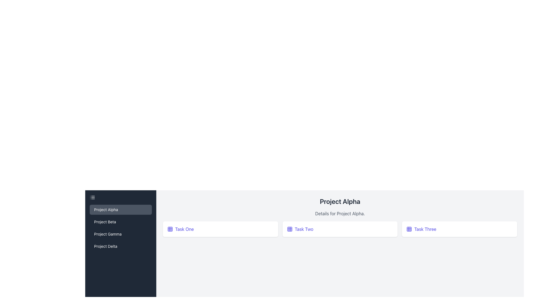 This screenshot has height=300, width=533. Describe the element at coordinates (120, 234) in the screenshot. I see `the 'Project Gamma' button located in the left-hand panel, which is the third item in a vertical list of projects` at that location.